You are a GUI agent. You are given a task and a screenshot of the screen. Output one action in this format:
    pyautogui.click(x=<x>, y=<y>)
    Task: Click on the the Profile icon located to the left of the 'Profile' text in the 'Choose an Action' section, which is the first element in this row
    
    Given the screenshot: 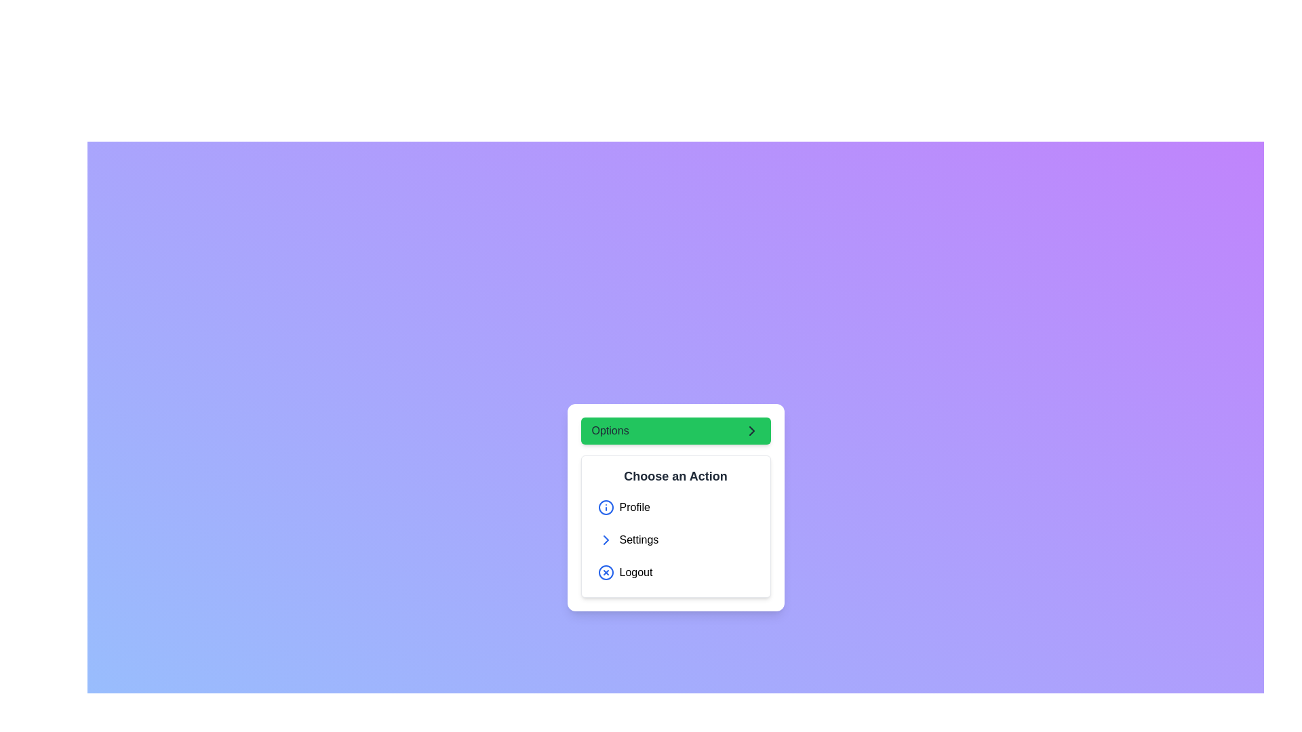 What is the action you would take?
    pyautogui.click(x=605, y=507)
    